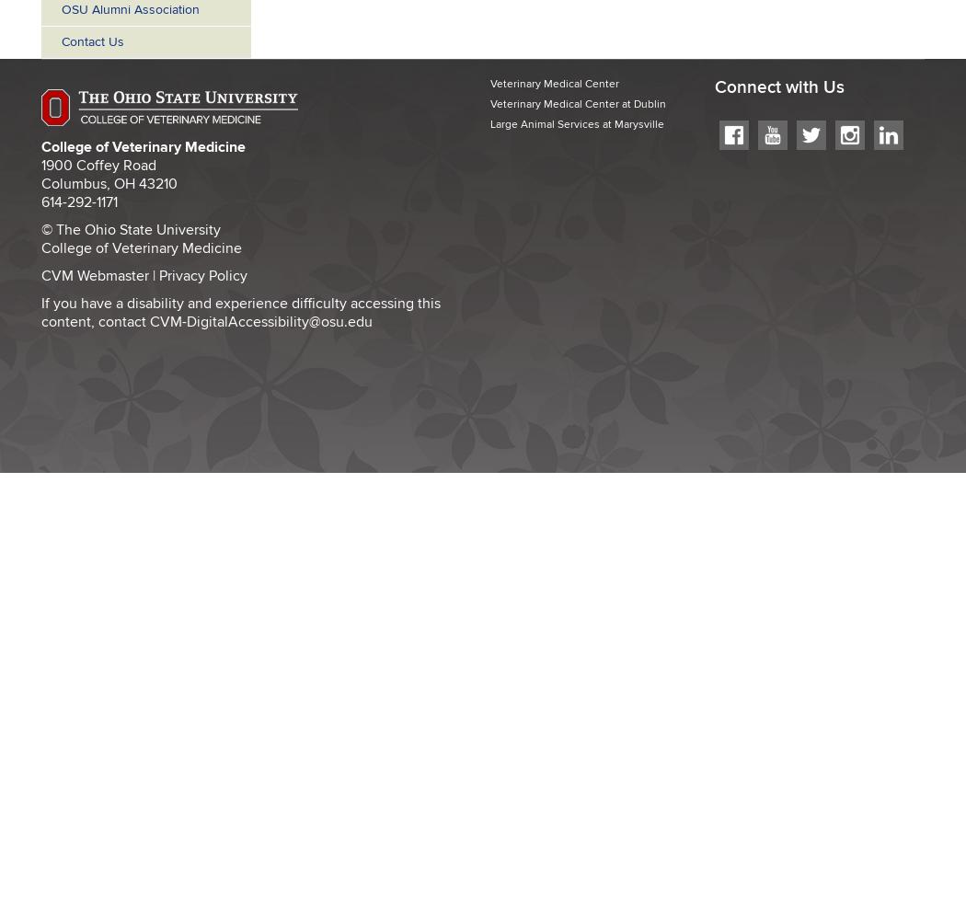  Describe the element at coordinates (555, 82) in the screenshot. I see `'Veterinary Medical Center'` at that location.